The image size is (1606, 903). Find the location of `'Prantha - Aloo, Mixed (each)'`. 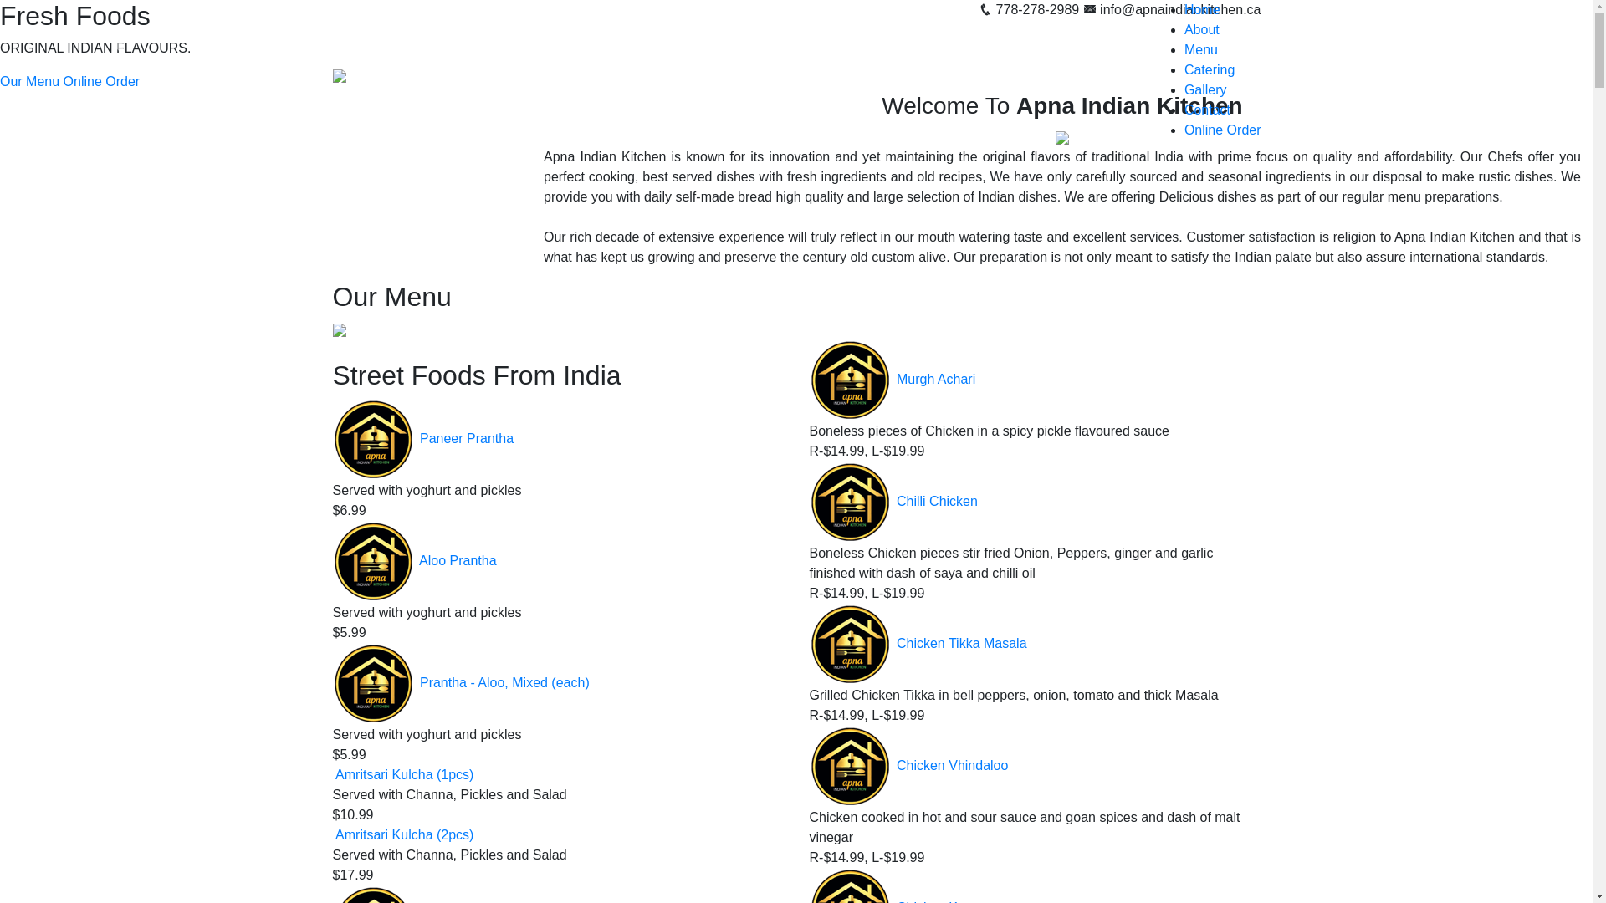

'Prantha - Aloo, Mixed (each)' is located at coordinates (504, 682).